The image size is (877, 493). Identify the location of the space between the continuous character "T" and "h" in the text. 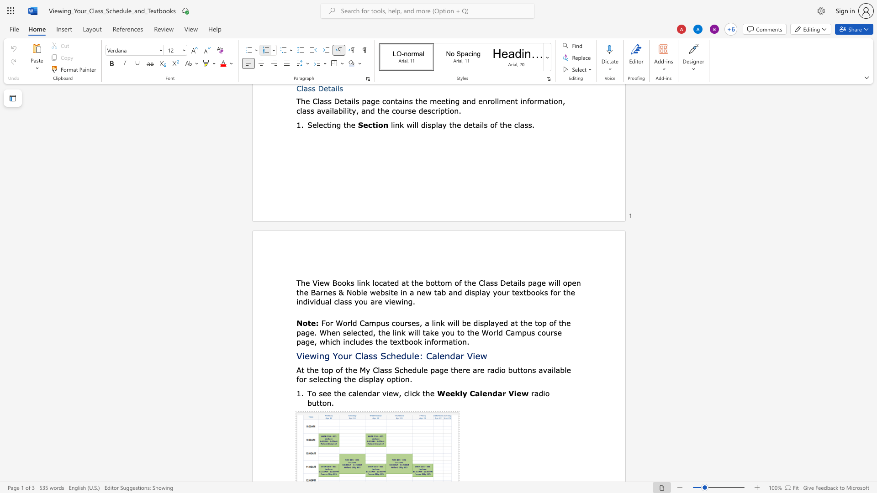
(301, 282).